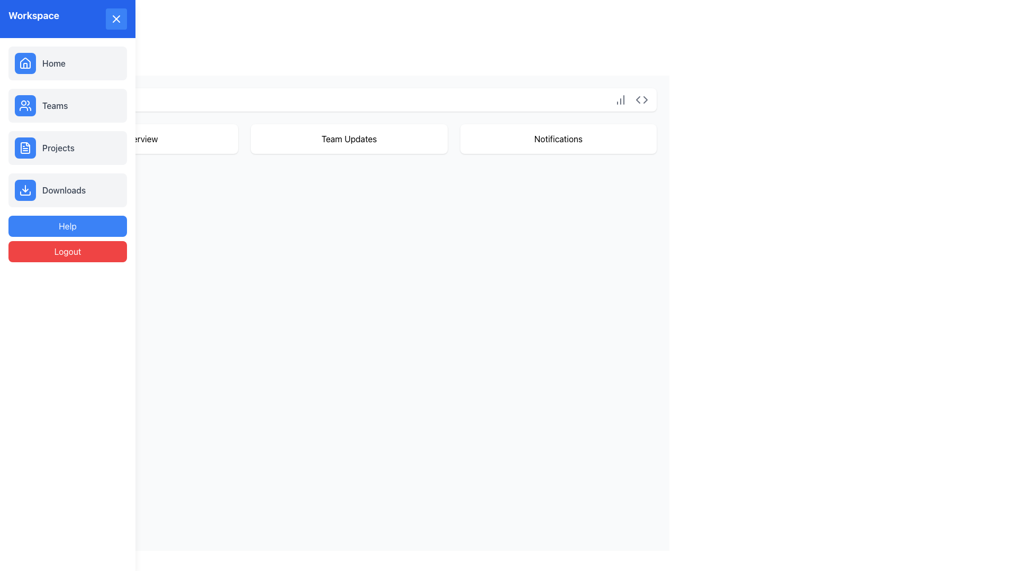  Describe the element at coordinates (67, 148) in the screenshot. I see `the 'Projects' button, which is the third option in the vertical list of navigation items within the sidebar. The button has a gray background that changes to blue on hover, and features an icon resembling a document on the left with the text label 'Projects' on the right` at that location.